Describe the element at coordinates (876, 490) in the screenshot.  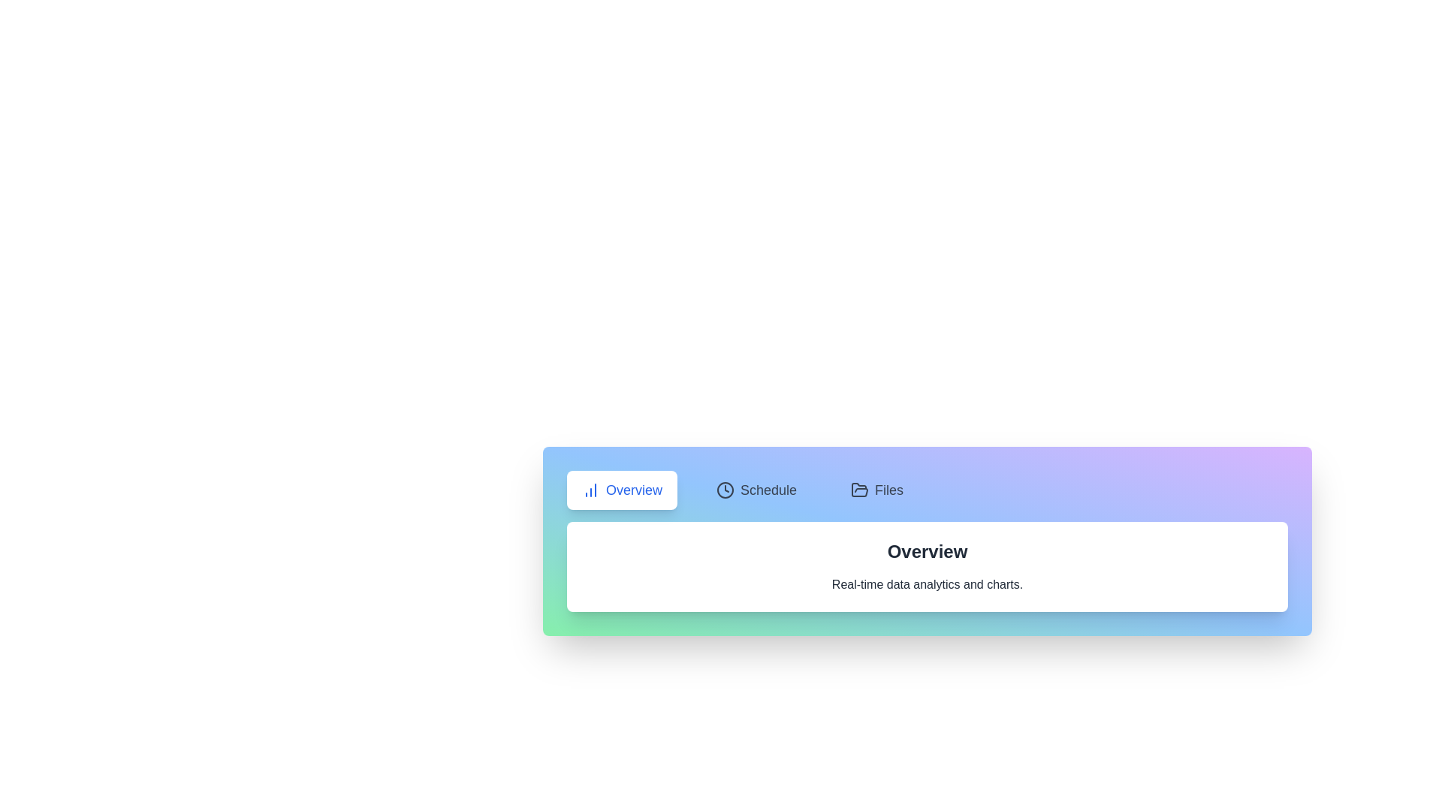
I see `the Files tab by clicking on its button` at that location.